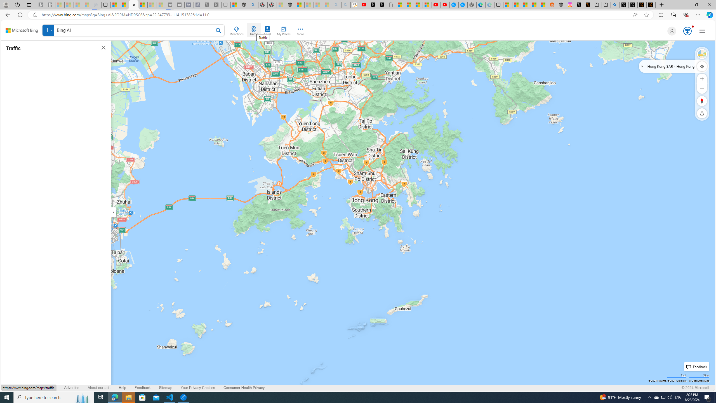  Describe the element at coordinates (300, 30) in the screenshot. I see `'More'` at that location.